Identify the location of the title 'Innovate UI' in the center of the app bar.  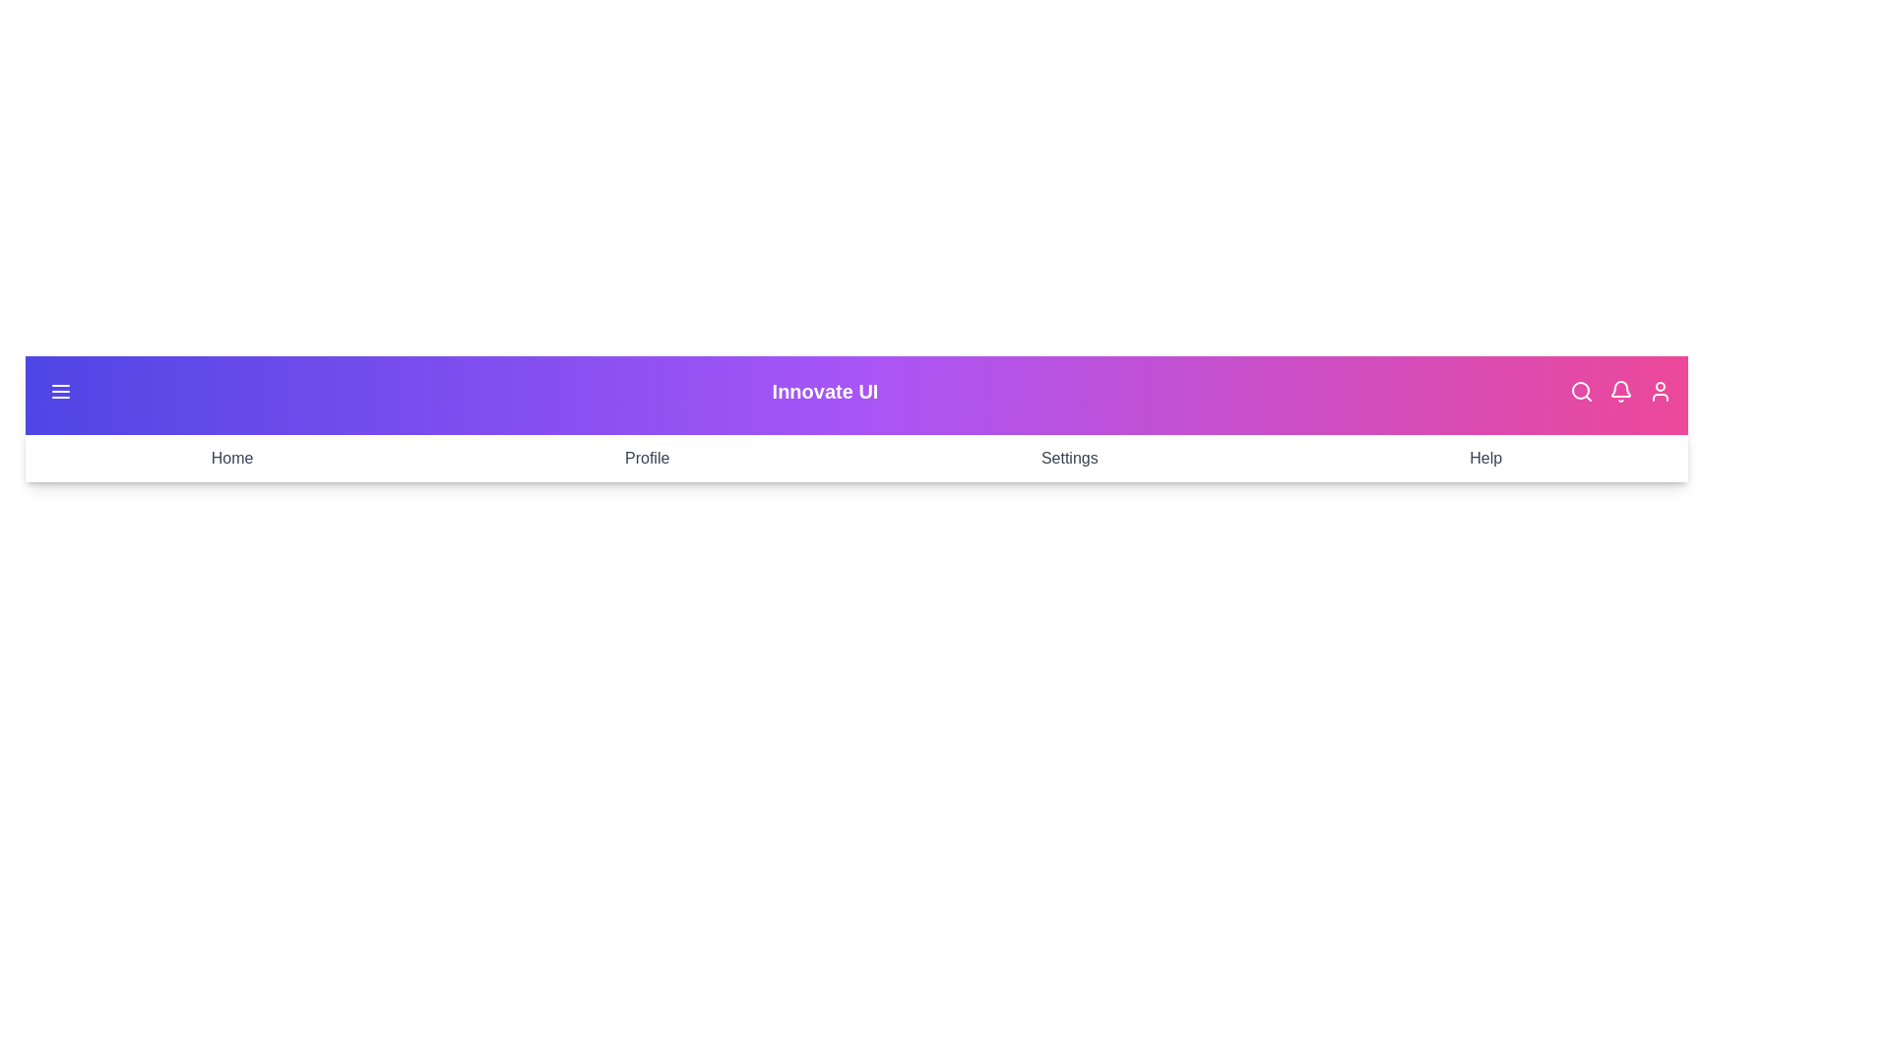
(825, 391).